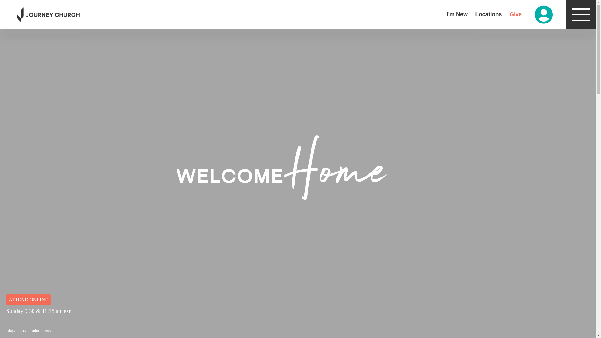 The width and height of the screenshot is (601, 338). I want to click on 'ATTEND ONLINE', so click(28, 299).